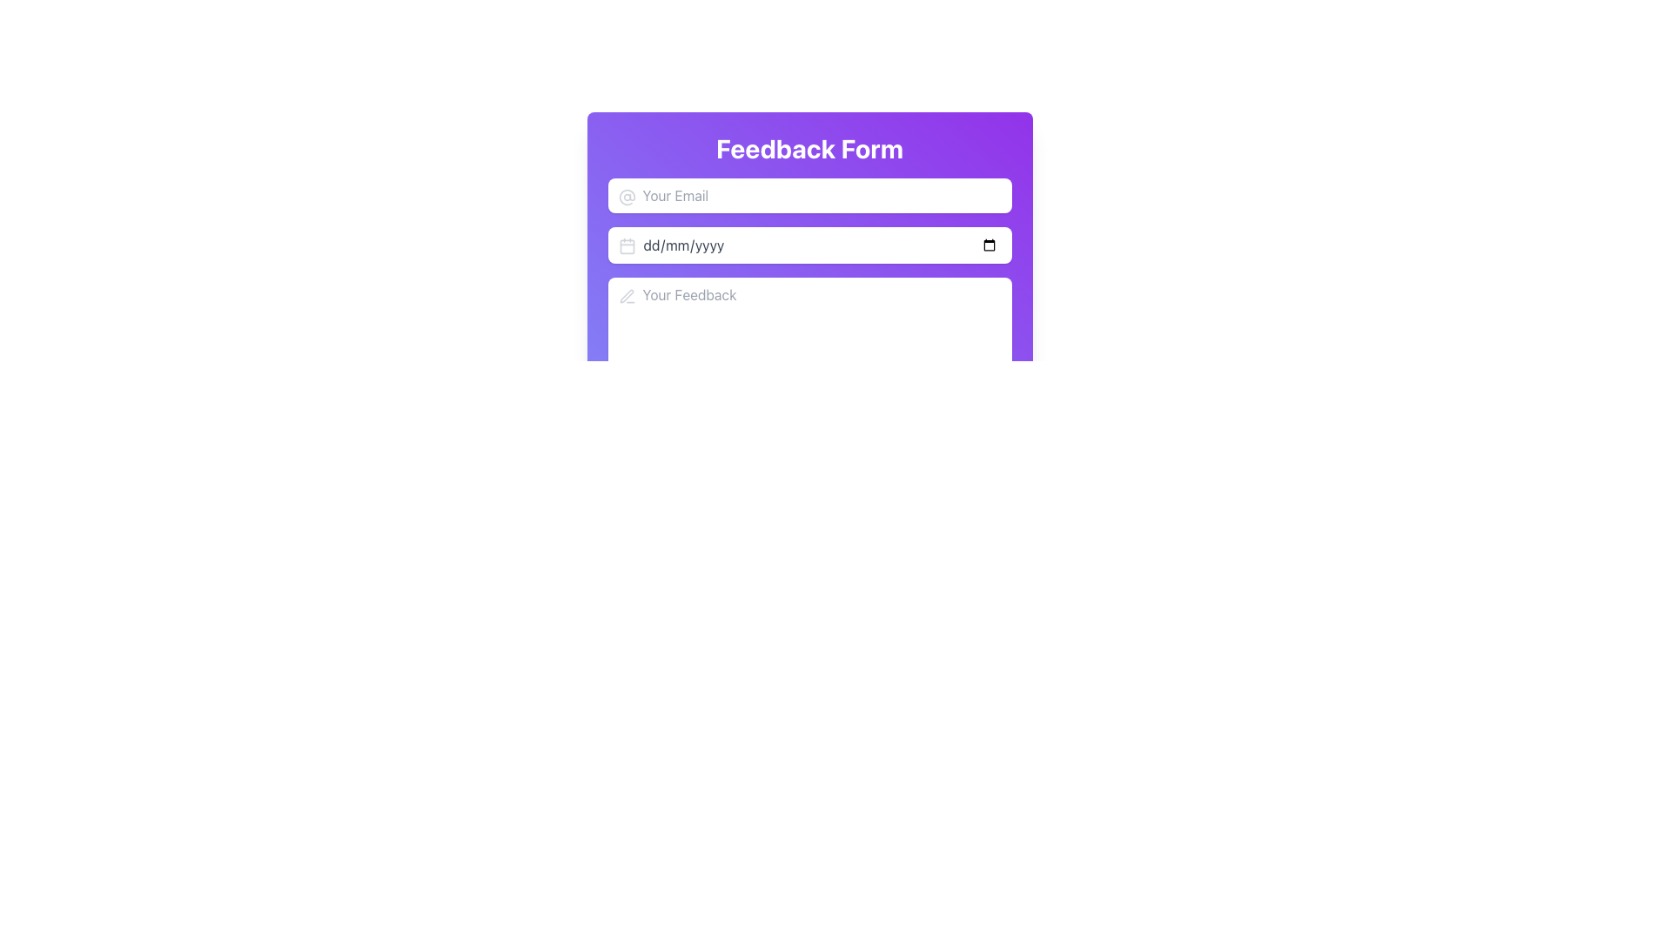 Image resolution: width=1671 pixels, height=940 pixels. Describe the element at coordinates (627, 295) in the screenshot. I see `the icon located to the left of the 'Your Feedback' text area in the 'Feedback Form' interface, which serves as a trigger for adding or editing content` at that location.